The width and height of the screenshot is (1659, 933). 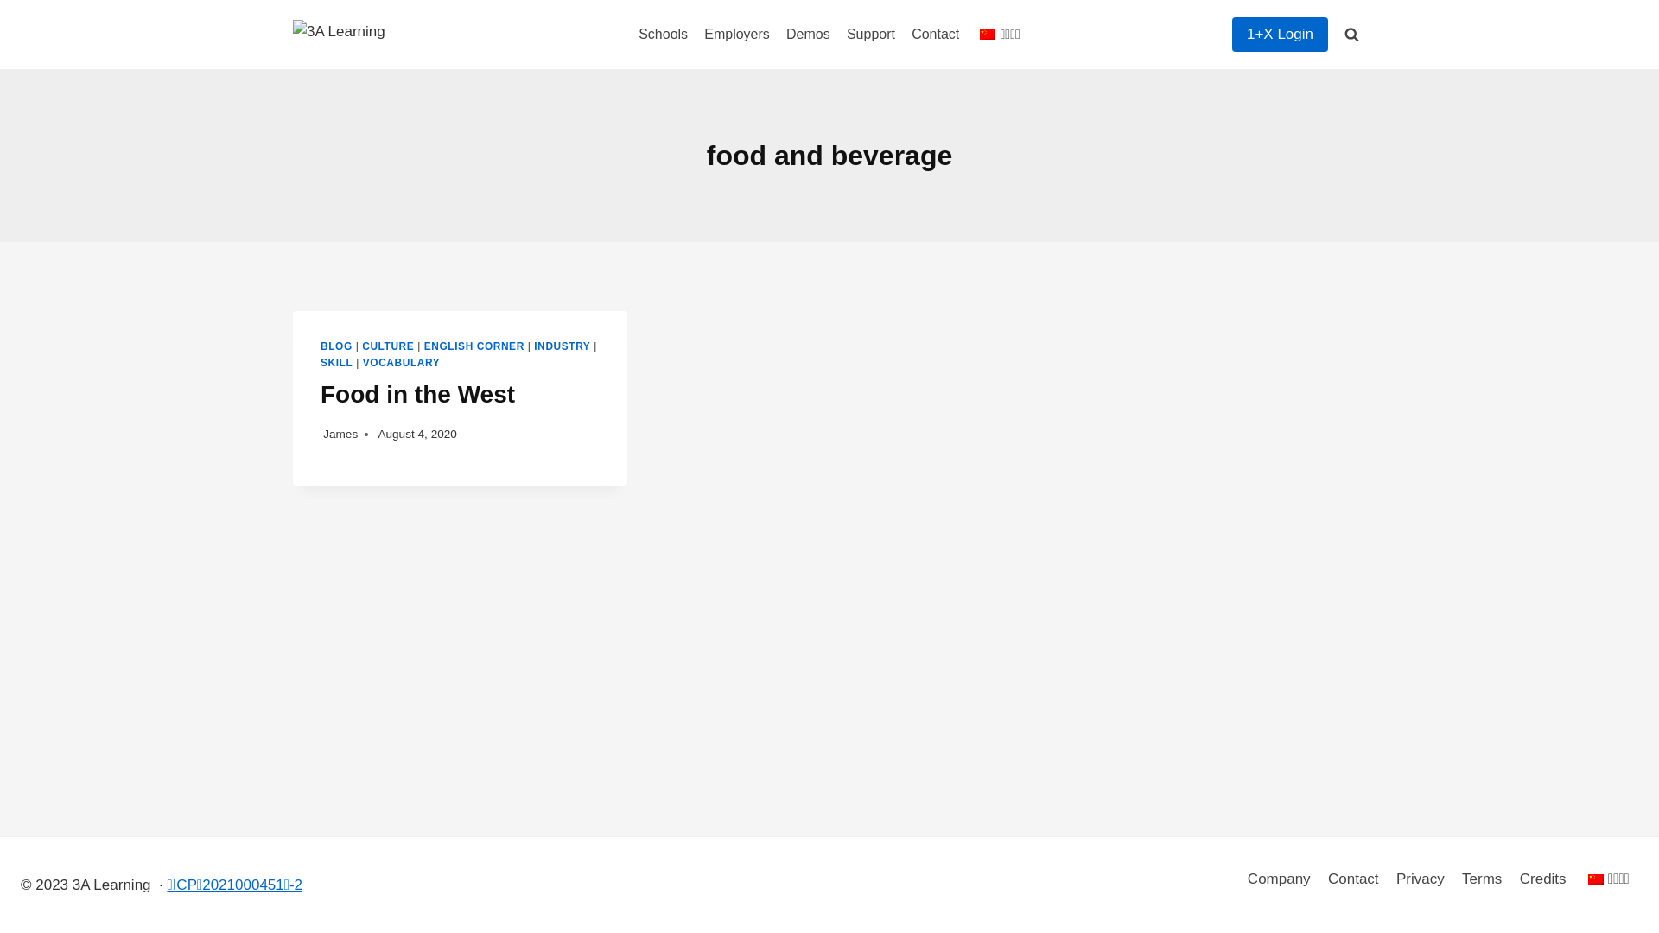 What do you see at coordinates (336, 362) in the screenshot?
I see `'SKILL'` at bounding box center [336, 362].